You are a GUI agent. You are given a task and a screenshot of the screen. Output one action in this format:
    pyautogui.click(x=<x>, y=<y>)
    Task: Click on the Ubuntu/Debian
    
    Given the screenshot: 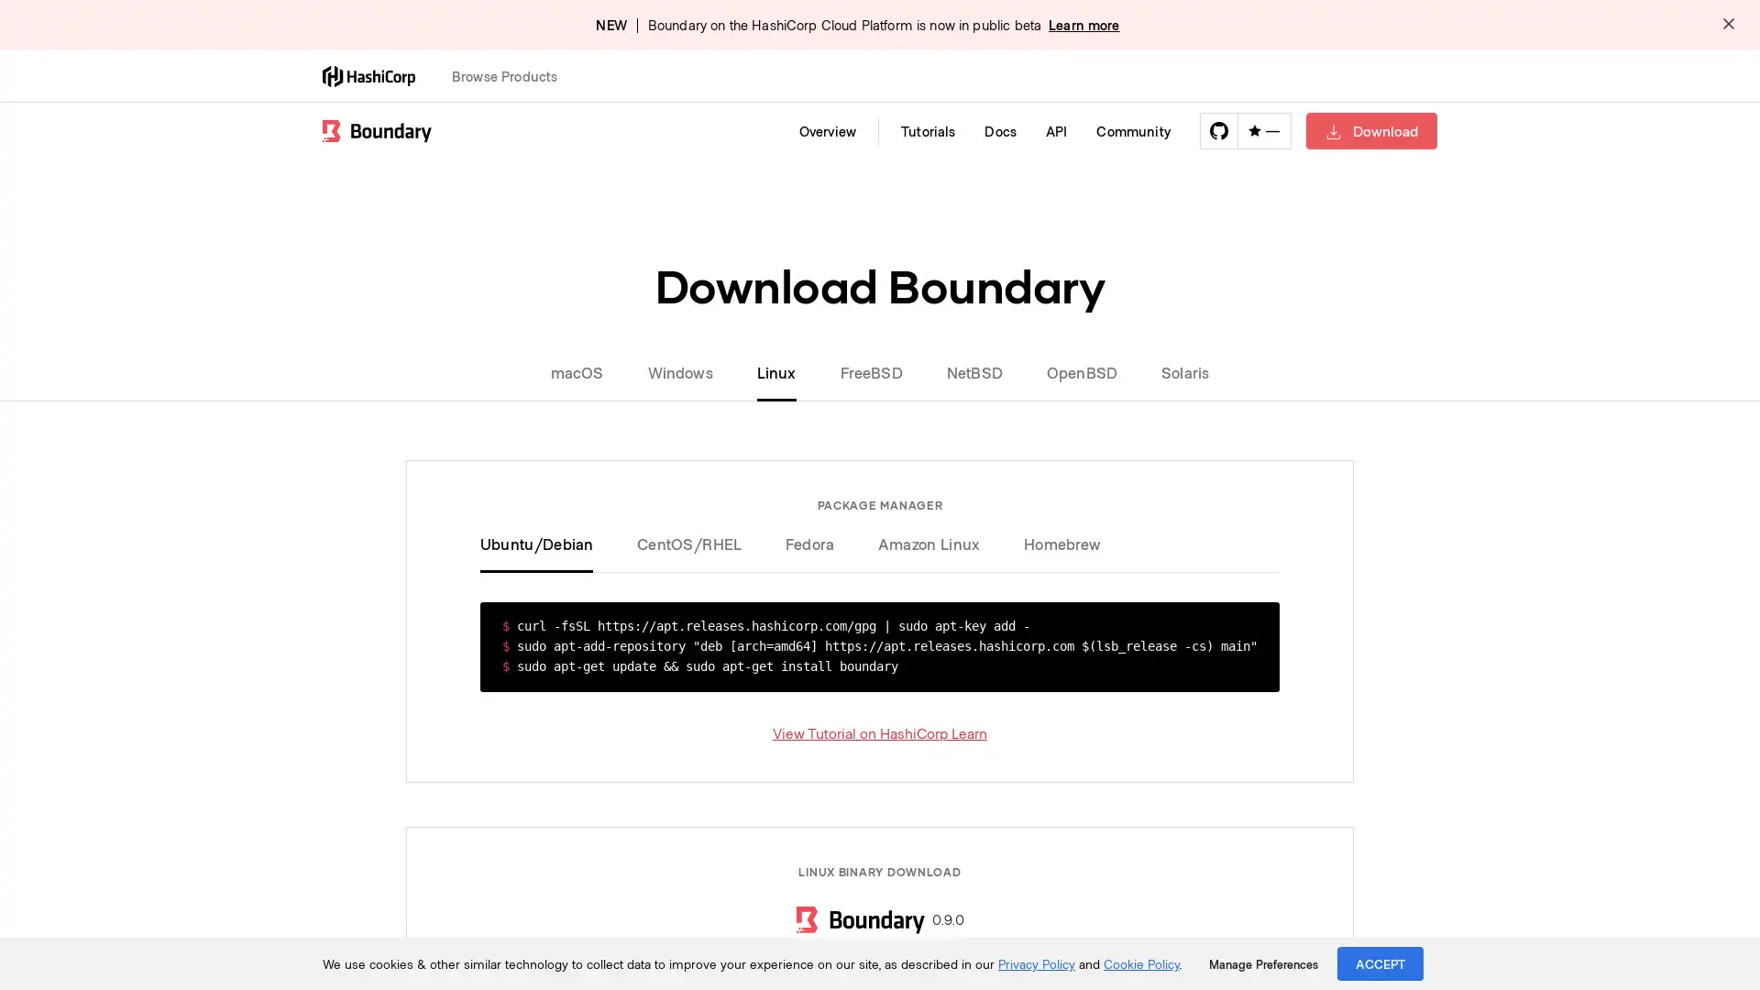 What is the action you would take?
    pyautogui.click(x=546, y=543)
    